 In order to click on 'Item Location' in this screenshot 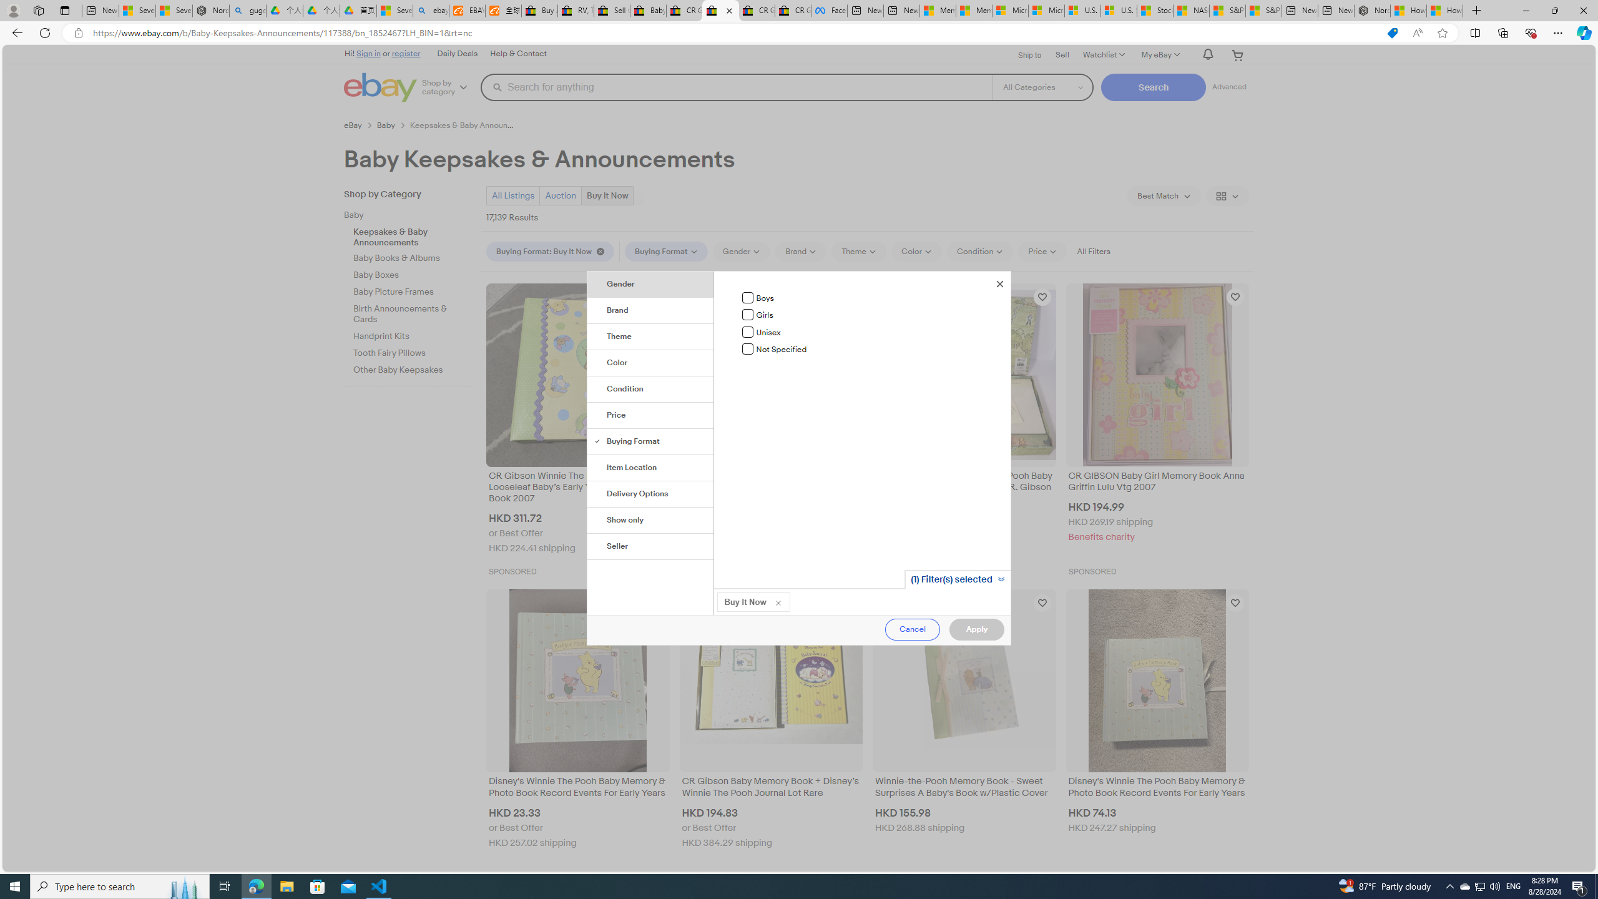, I will do `click(651, 467)`.